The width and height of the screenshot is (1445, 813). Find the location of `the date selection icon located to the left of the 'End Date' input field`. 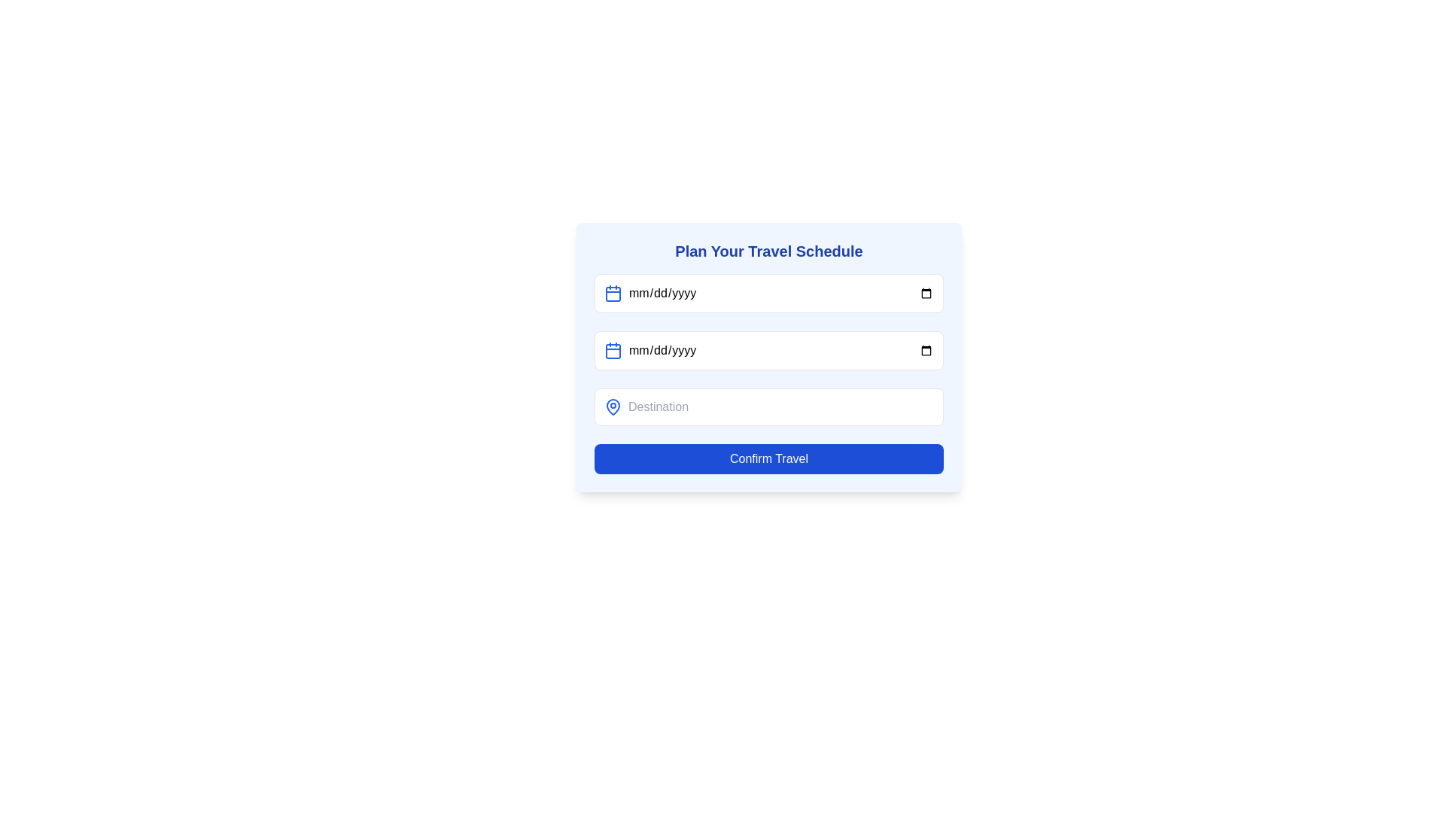

the date selection icon located to the left of the 'End Date' input field is located at coordinates (613, 351).